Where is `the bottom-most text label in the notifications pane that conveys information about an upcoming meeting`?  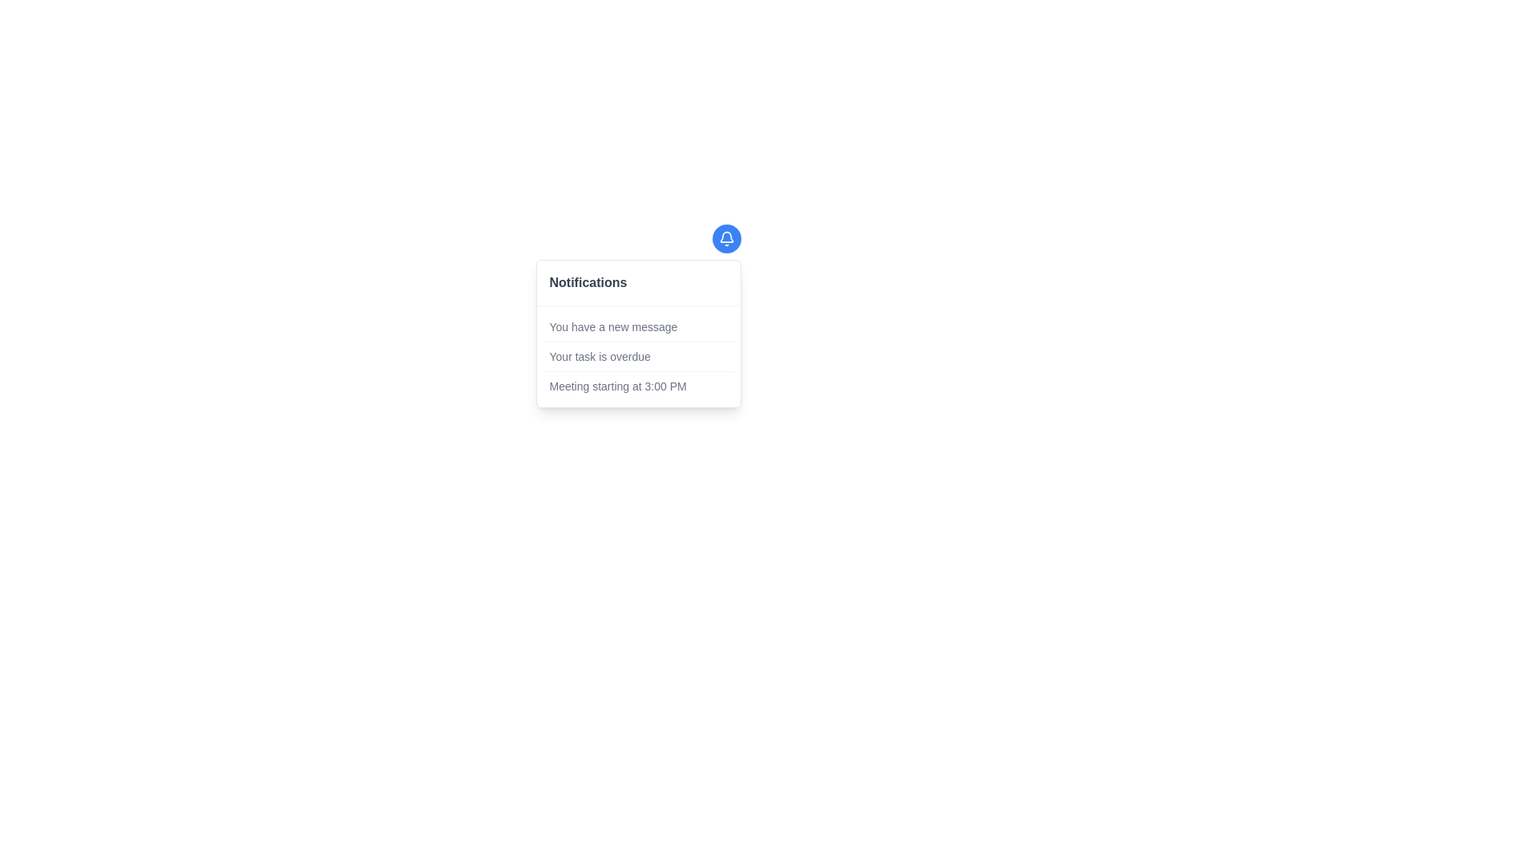 the bottom-most text label in the notifications pane that conveys information about an upcoming meeting is located at coordinates (617, 386).